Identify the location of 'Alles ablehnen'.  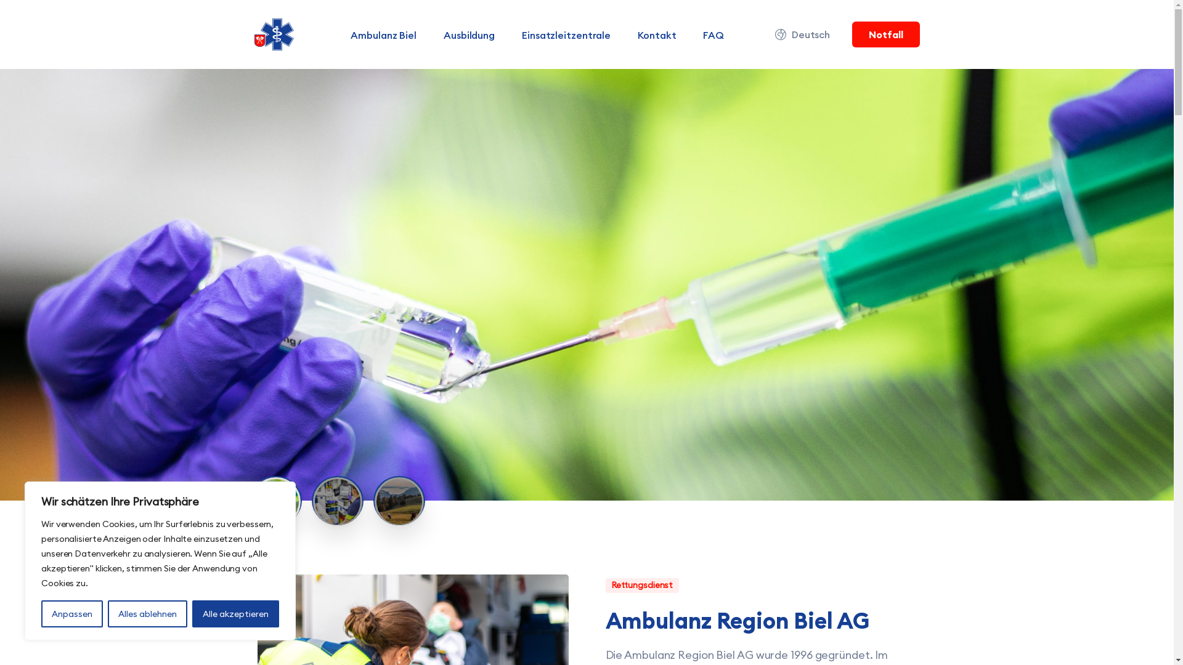
(107, 613).